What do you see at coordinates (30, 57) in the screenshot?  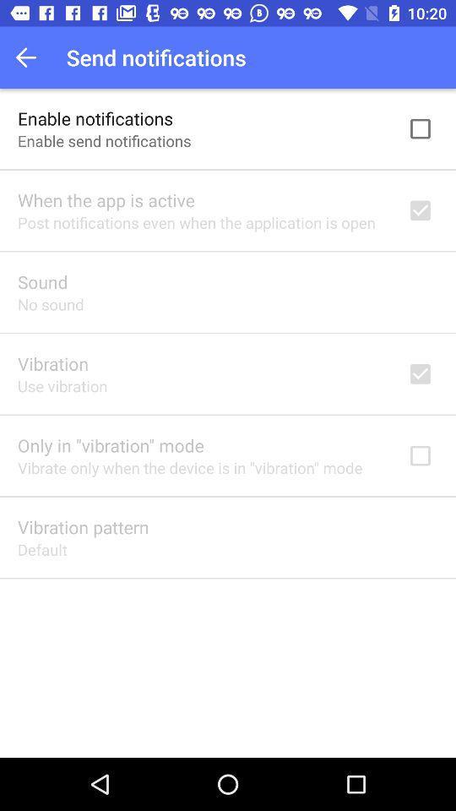 I see `item next to send notifications` at bounding box center [30, 57].